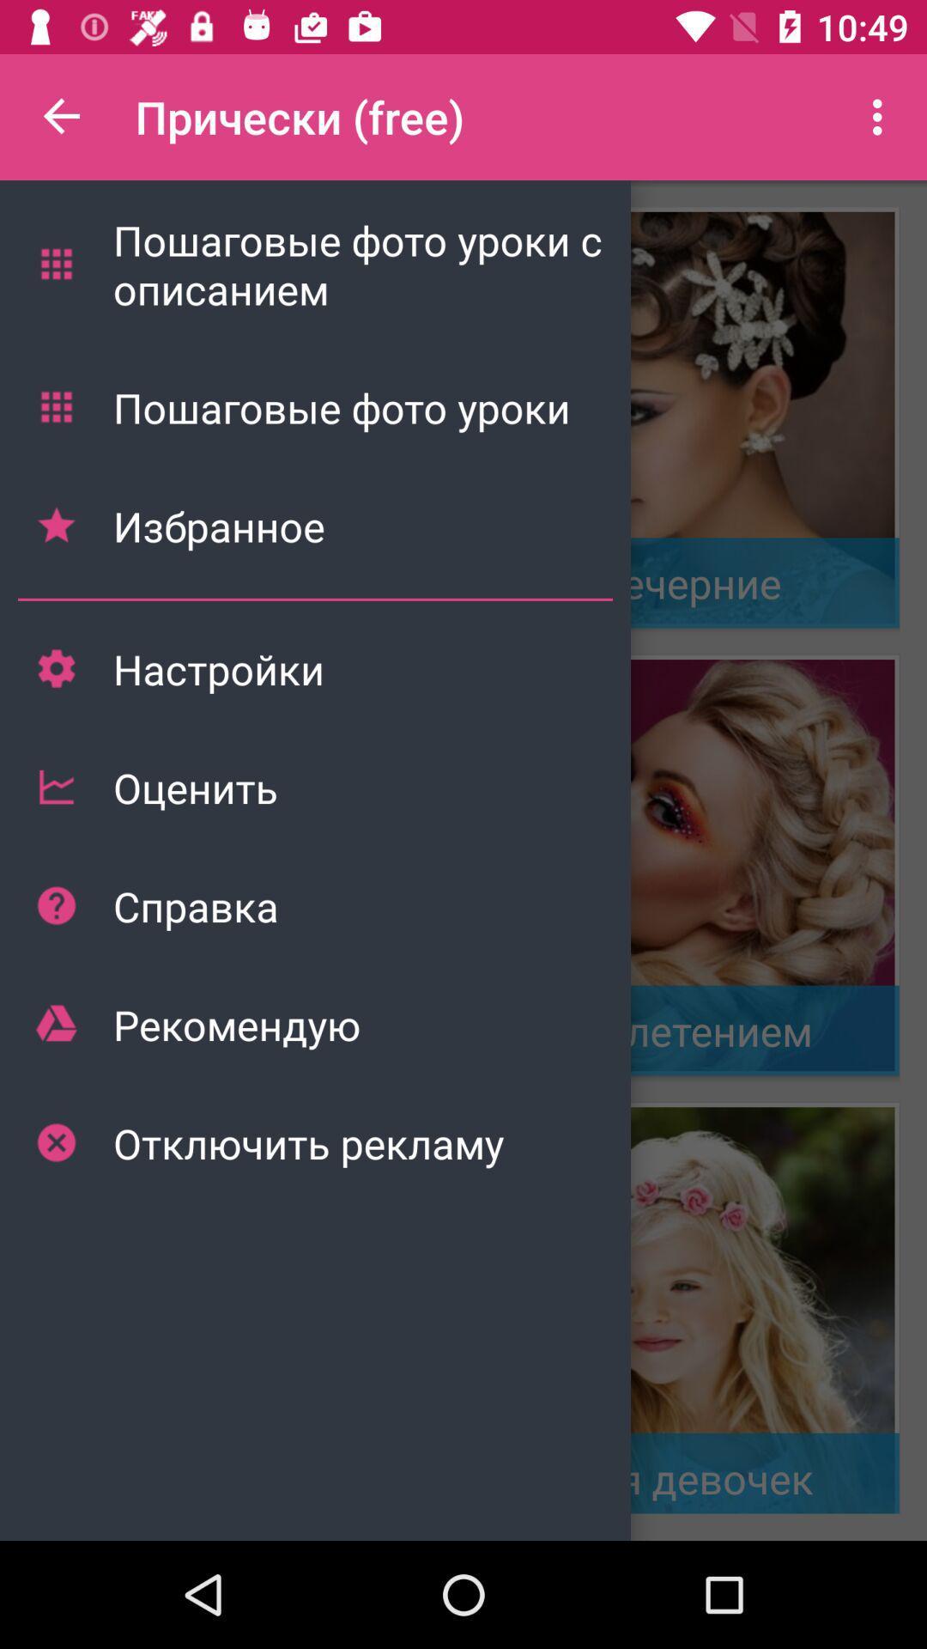  Describe the element at coordinates (688, 865) in the screenshot. I see `the second image` at that location.